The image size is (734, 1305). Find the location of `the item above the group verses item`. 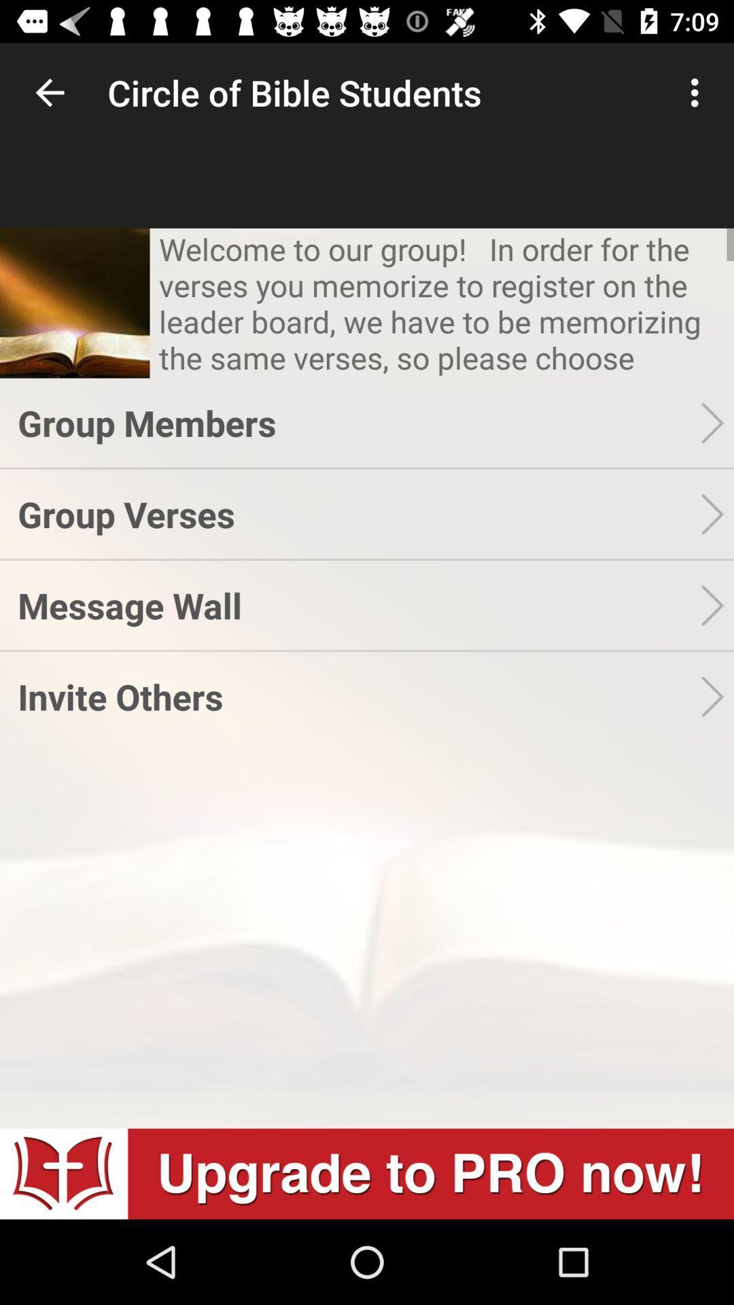

the item above the group verses item is located at coordinates (358, 422).